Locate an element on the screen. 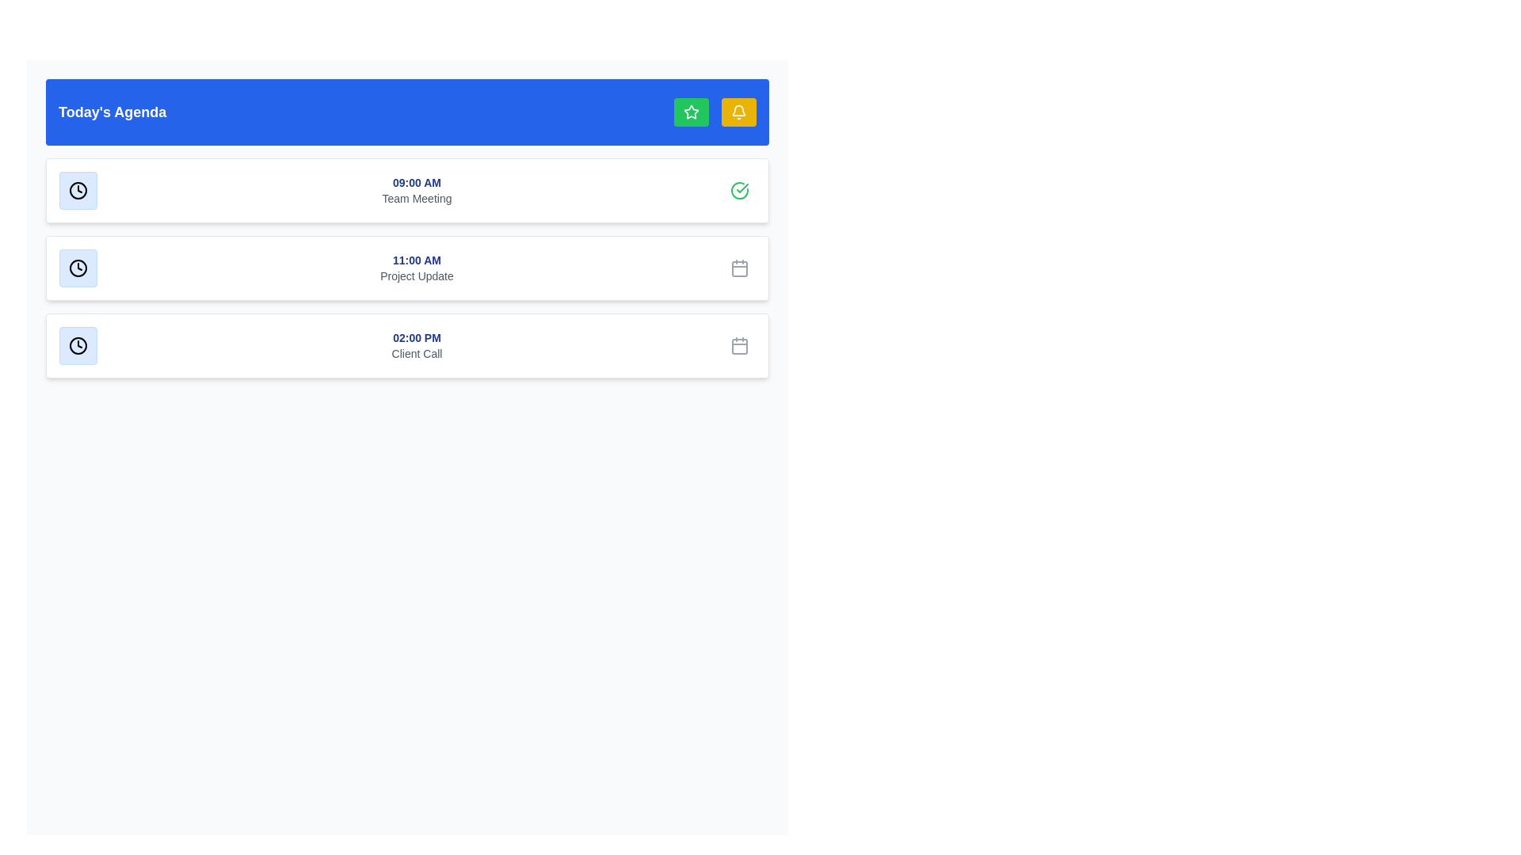 The image size is (1521, 855). the calendar icon located in the third section of the agenda list, which is positioned to the right of the text area displaying the time and title for the agenda item is located at coordinates (739, 268).